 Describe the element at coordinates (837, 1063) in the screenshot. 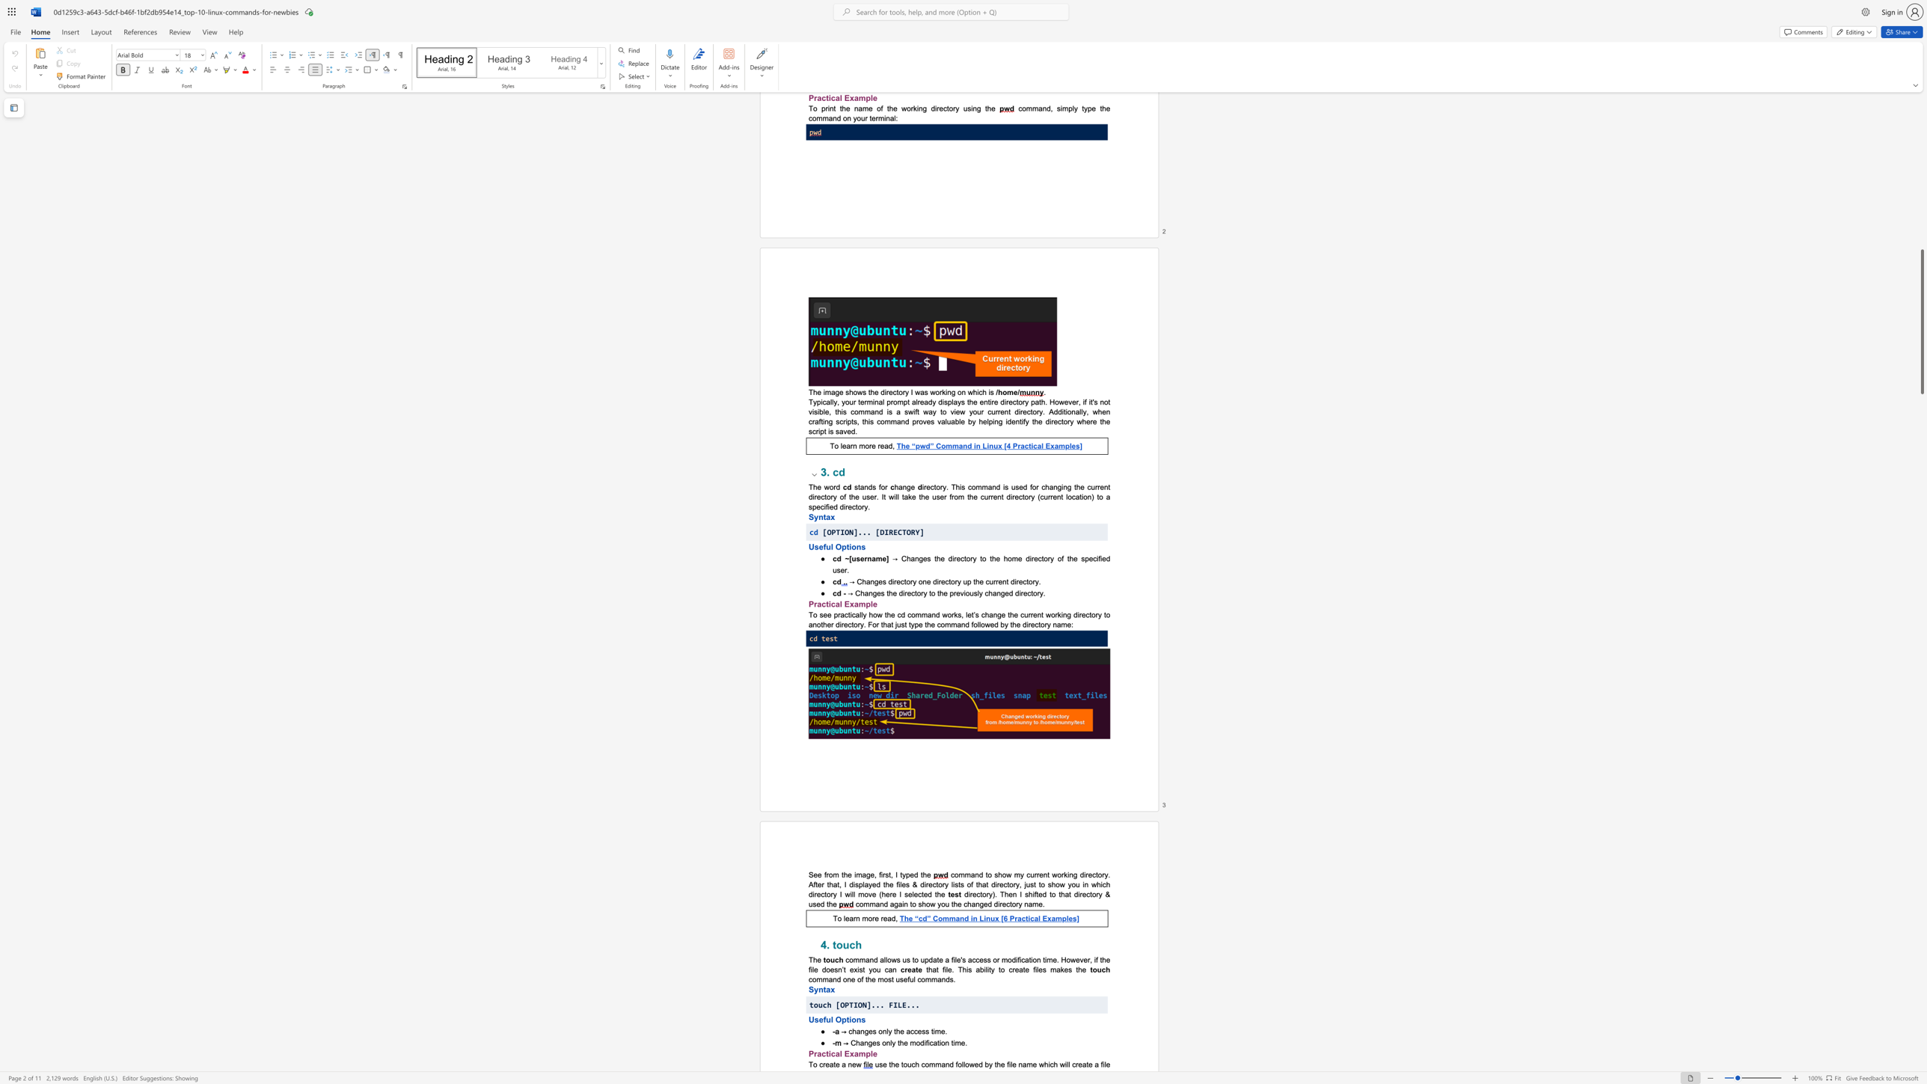

I see `the 2th character "e" in the text` at that location.